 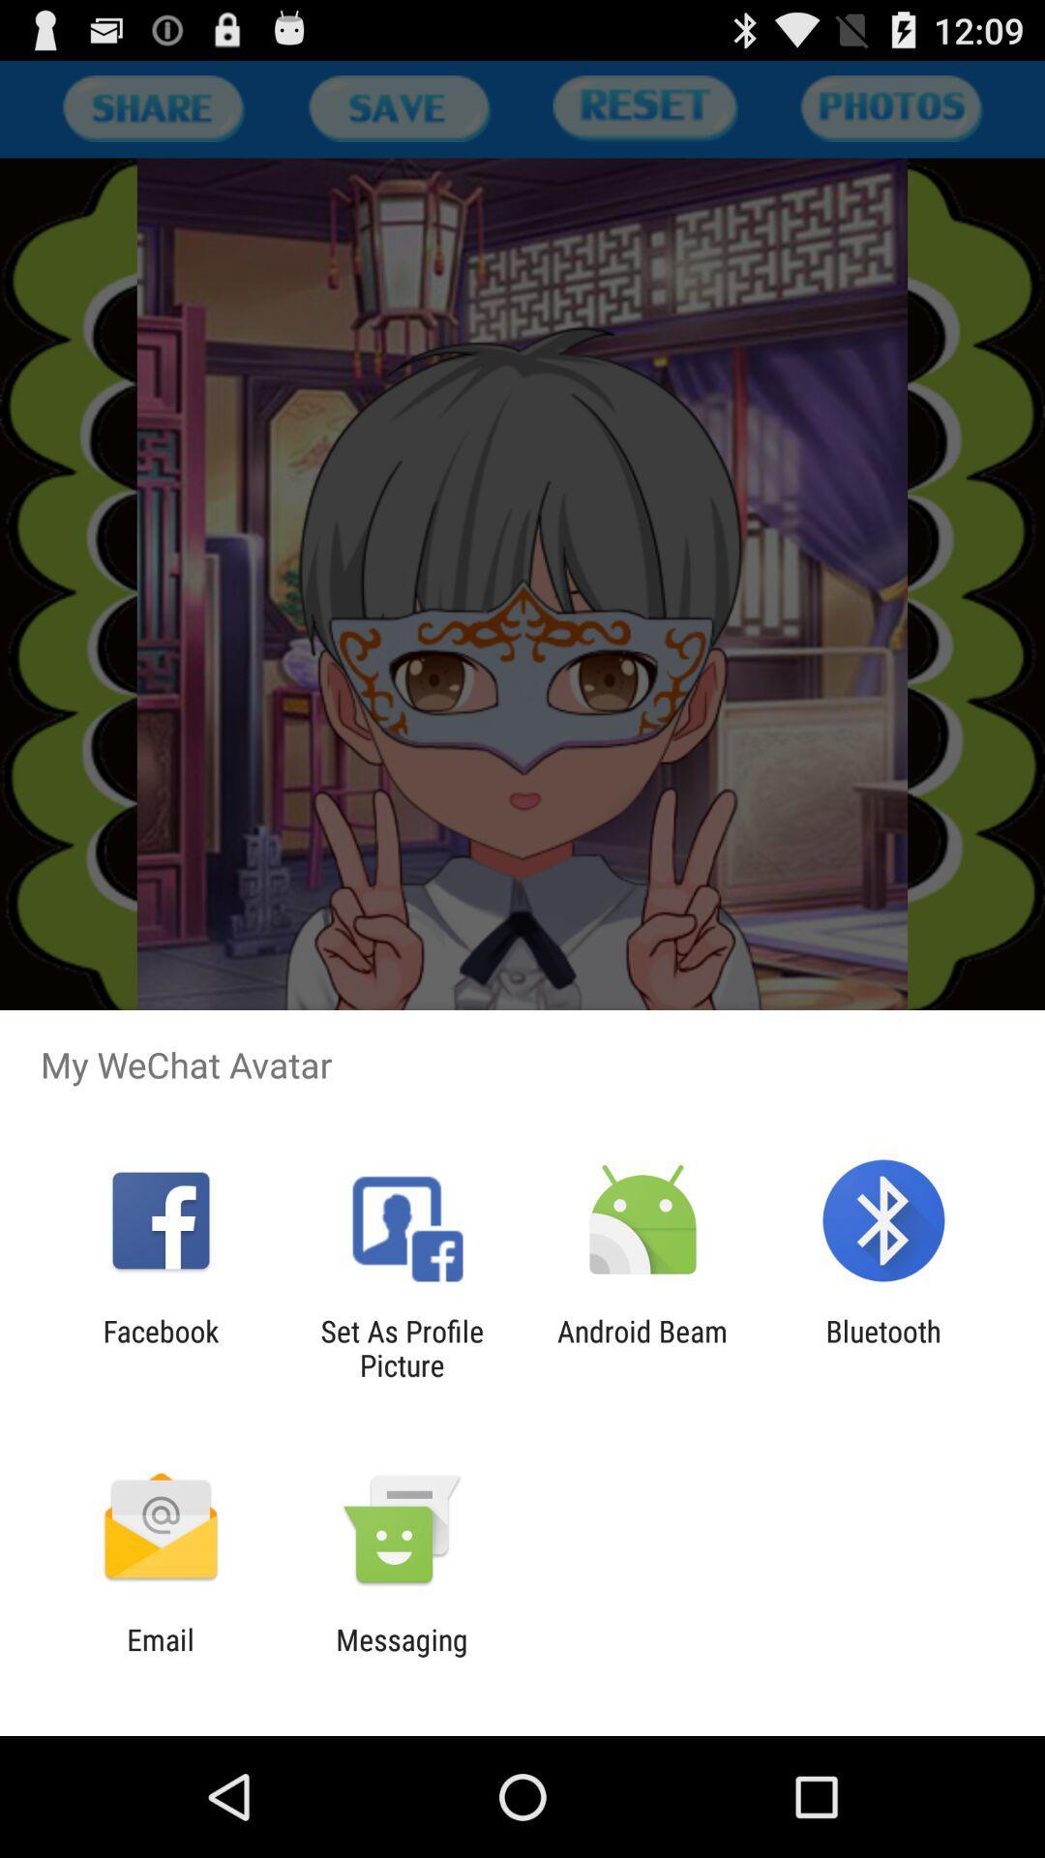 What do you see at coordinates (642, 1347) in the screenshot?
I see `item next to set as profile item` at bounding box center [642, 1347].